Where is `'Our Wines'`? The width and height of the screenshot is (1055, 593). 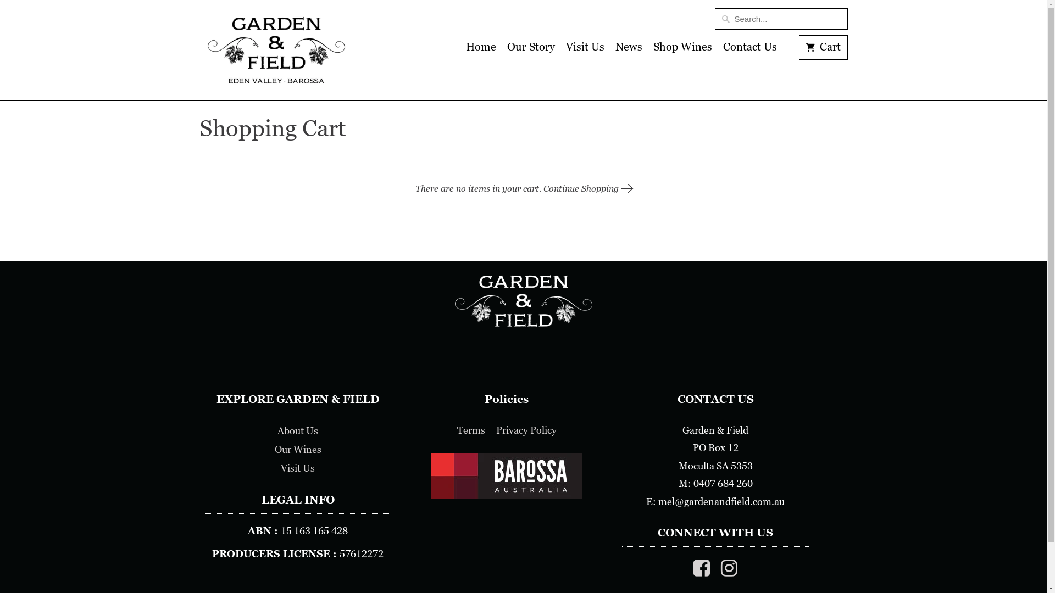 'Our Wines' is located at coordinates (274, 449).